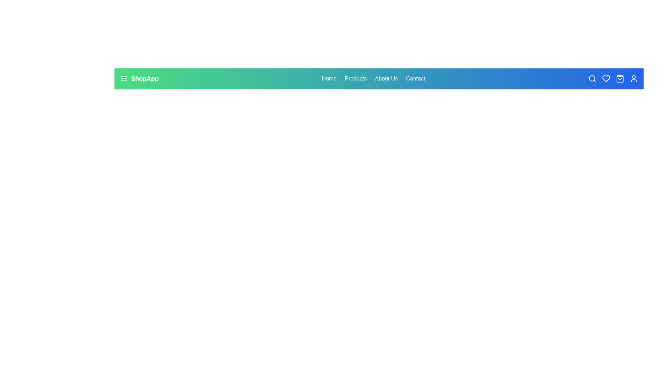 This screenshot has width=664, height=373. Describe the element at coordinates (329, 78) in the screenshot. I see `the 'Home' link in the navigation bar` at that location.